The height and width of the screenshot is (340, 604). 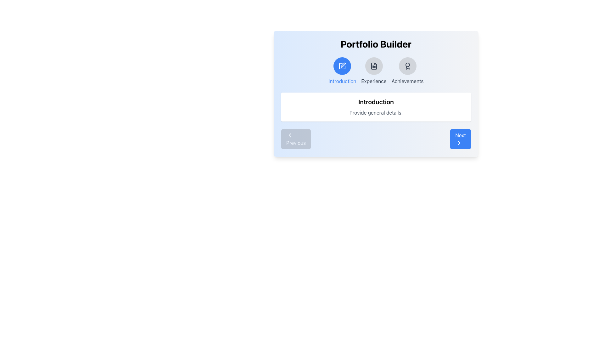 What do you see at coordinates (374, 71) in the screenshot?
I see `the 'Experience' button-like element, which is positioned in the top-middle of the interface between 'Introduction' and 'Achievements'` at bounding box center [374, 71].